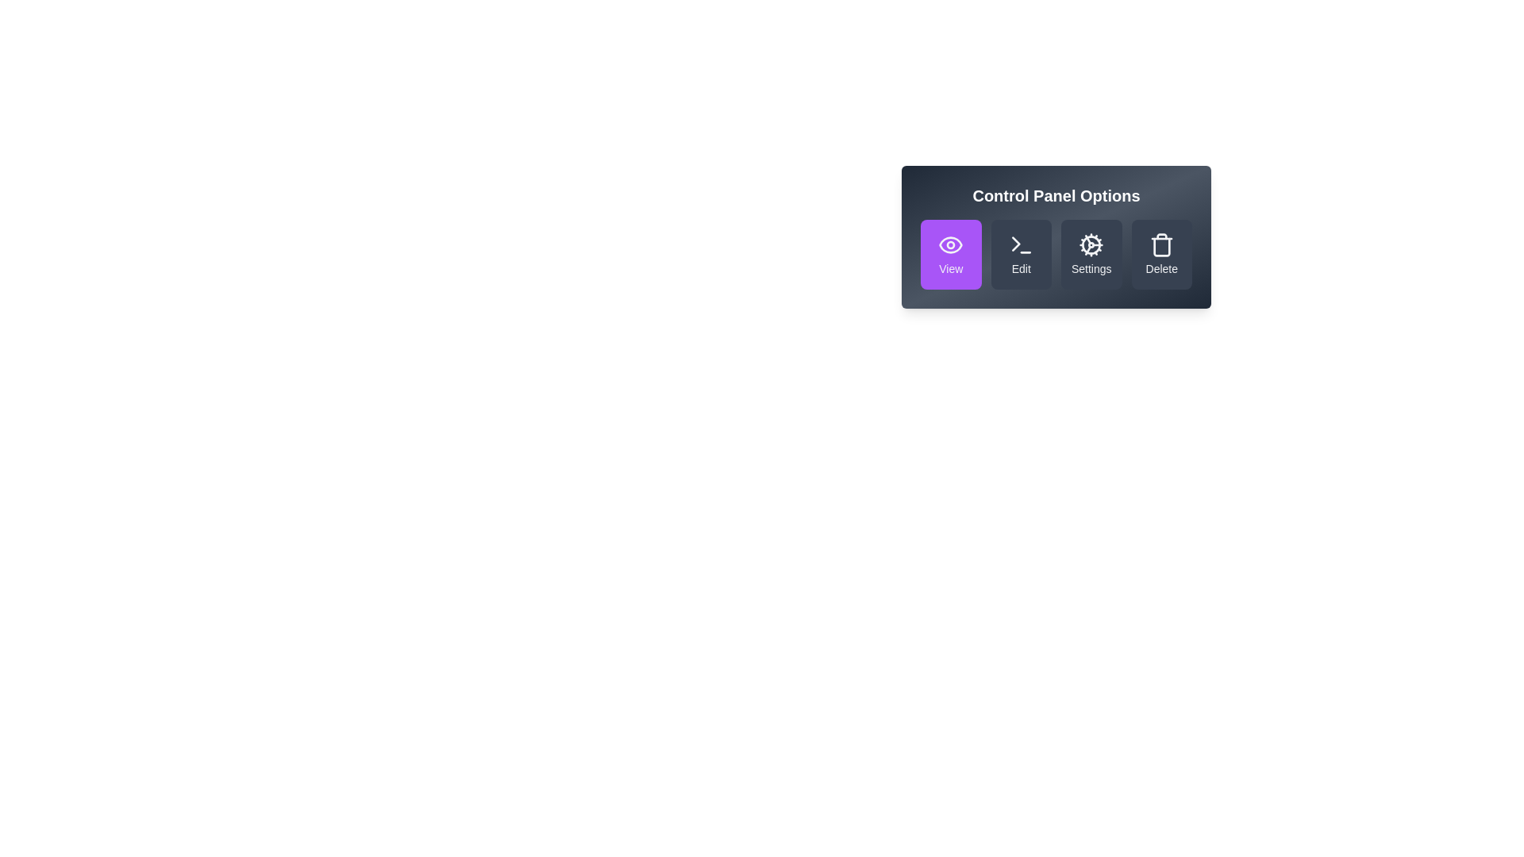  What do you see at coordinates (1056, 194) in the screenshot?
I see `the text label 'Control Panel Options' which is in bold white font at the top-center of the dark-themed card interface` at bounding box center [1056, 194].